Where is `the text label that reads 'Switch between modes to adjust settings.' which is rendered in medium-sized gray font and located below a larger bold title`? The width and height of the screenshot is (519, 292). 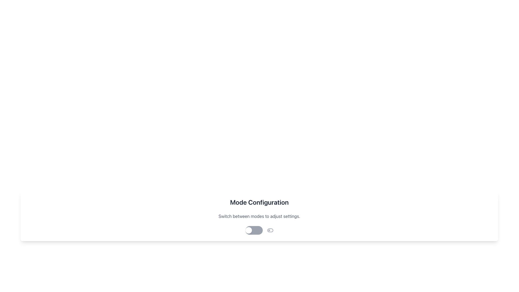 the text label that reads 'Switch between modes to adjust settings.' which is rendered in medium-sized gray font and located below a larger bold title is located at coordinates (259, 216).